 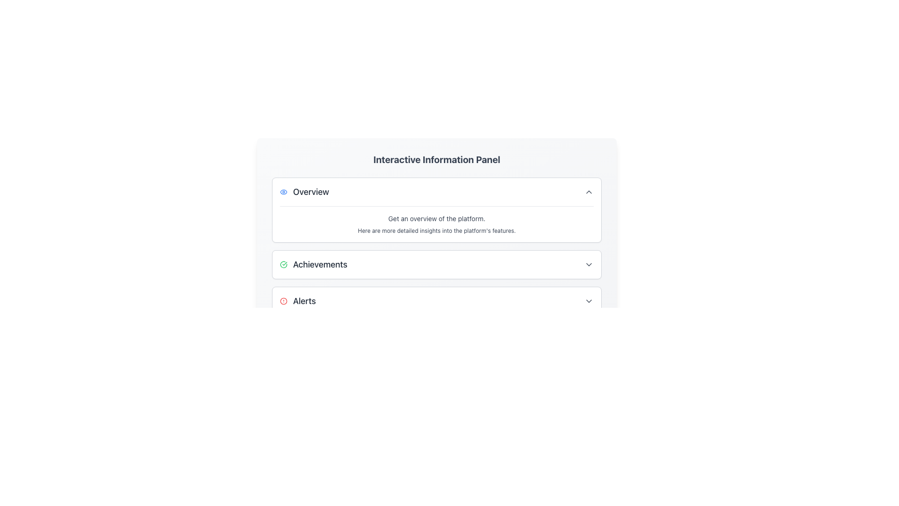 I want to click on the leftmost icon in the "Achievements" section of the collapsible information panel, which indicates a successfully completed or available achievement, so click(x=283, y=264).